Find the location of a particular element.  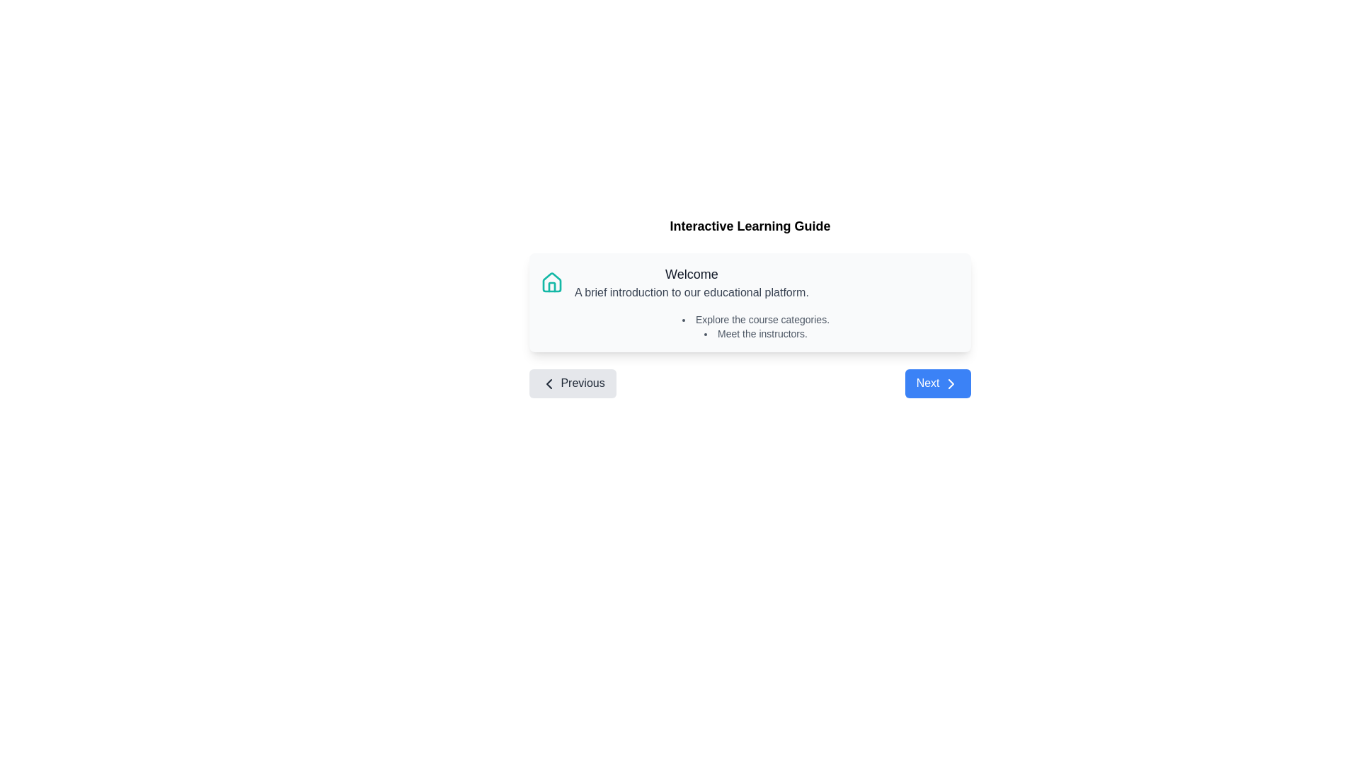

the forward icon located at the far right end of the blue rectangular 'Next' button for interaction feedback is located at coordinates (951, 383).